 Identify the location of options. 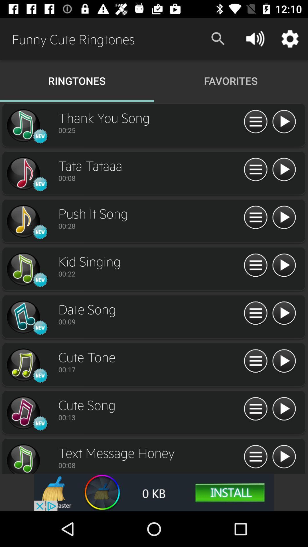
(255, 361).